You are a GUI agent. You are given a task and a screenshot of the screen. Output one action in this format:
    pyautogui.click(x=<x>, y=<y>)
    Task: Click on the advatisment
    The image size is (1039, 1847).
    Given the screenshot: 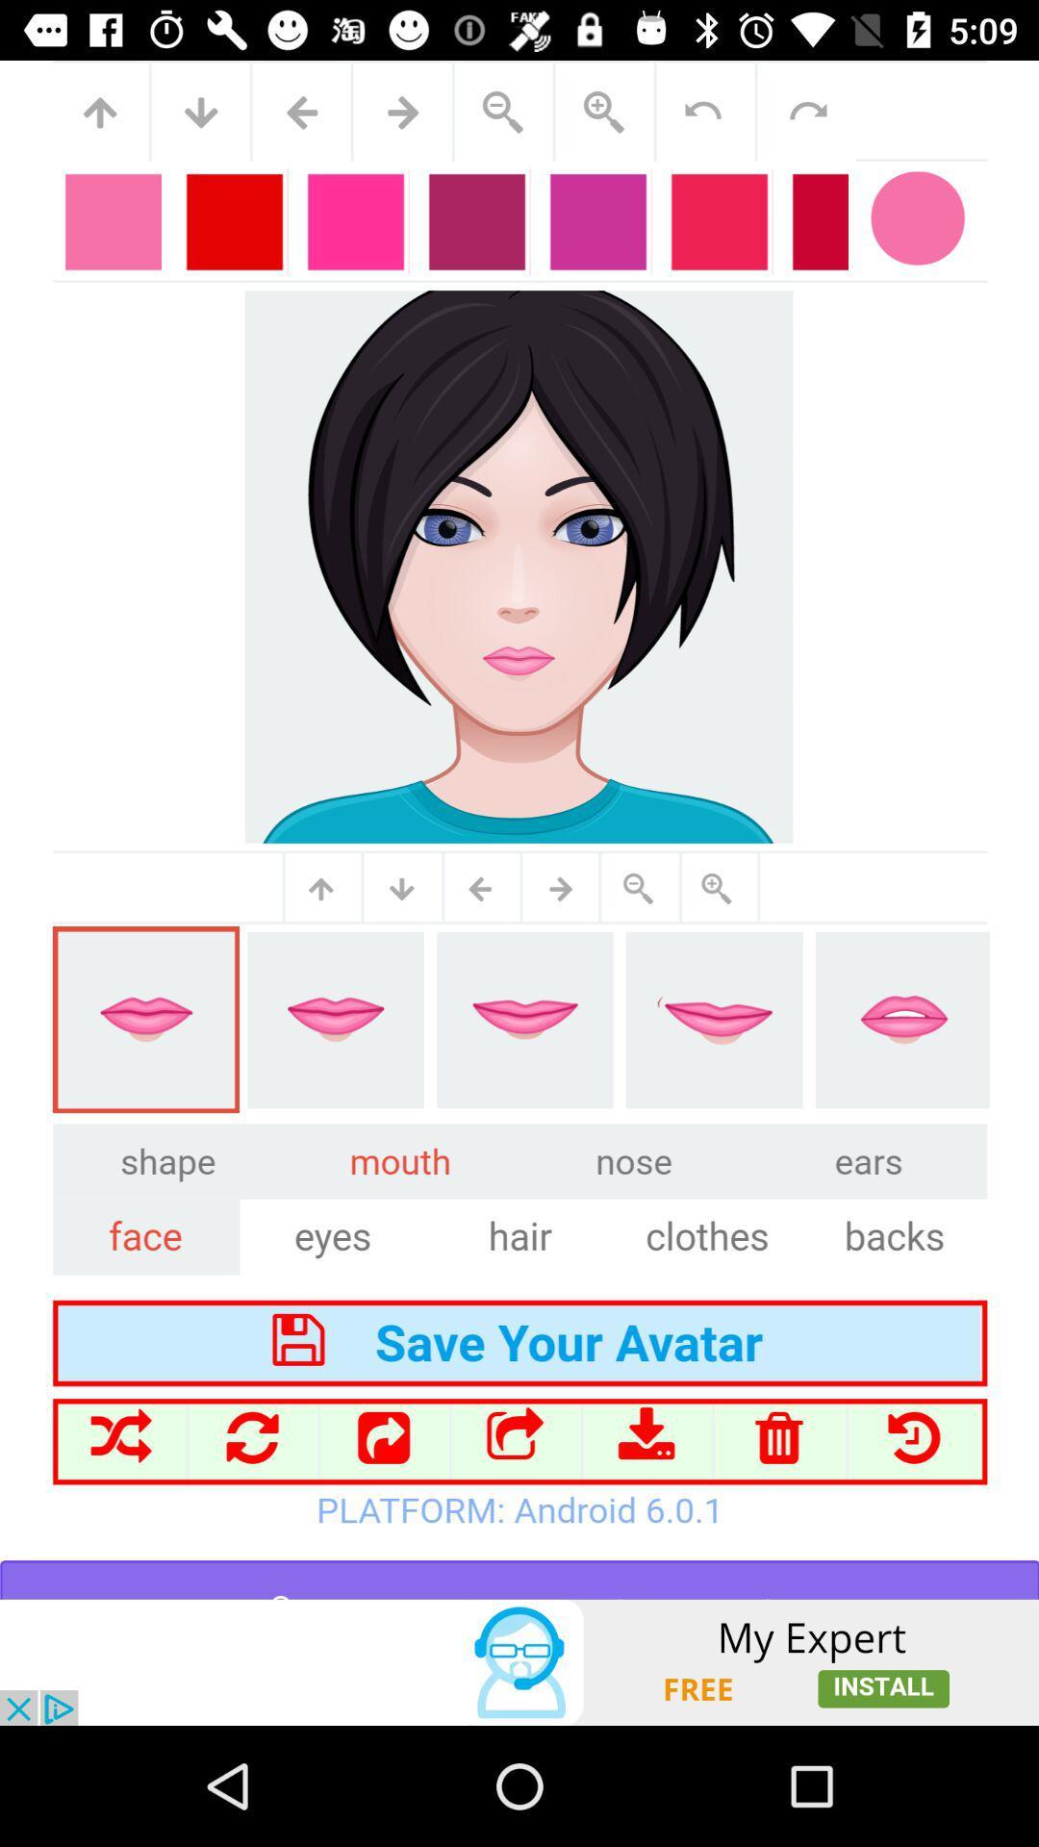 What is the action you would take?
    pyautogui.click(x=519, y=1661)
    